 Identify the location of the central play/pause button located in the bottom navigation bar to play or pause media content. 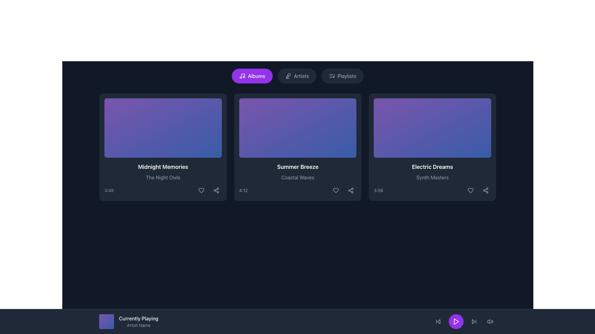
(456, 321).